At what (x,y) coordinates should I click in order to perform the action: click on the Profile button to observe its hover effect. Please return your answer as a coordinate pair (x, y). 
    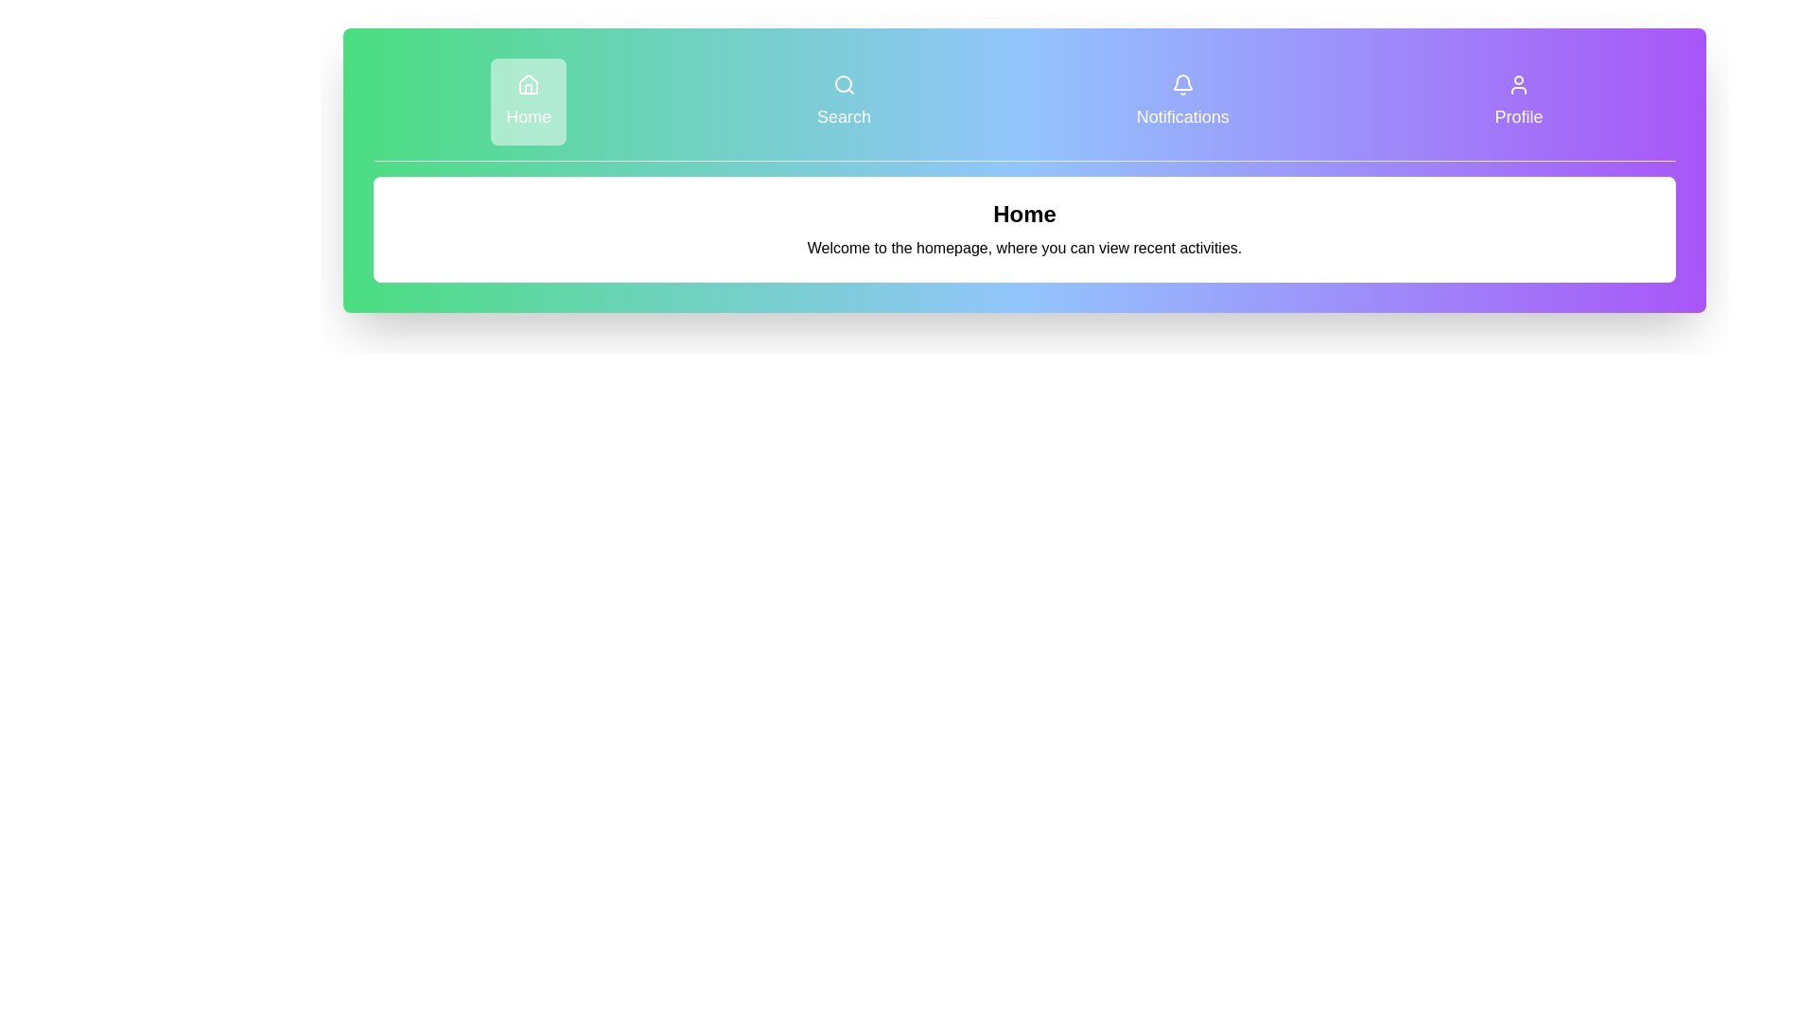
    Looking at the image, I should click on (1519, 102).